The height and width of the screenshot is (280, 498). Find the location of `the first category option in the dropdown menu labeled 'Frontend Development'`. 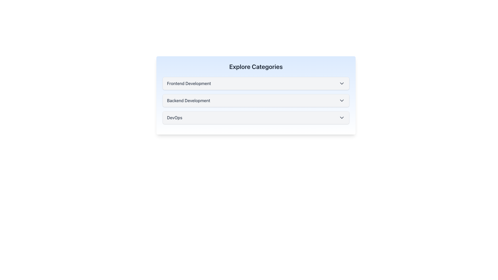

the first category option in the dropdown menu labeled 'Frontend Development' is located at coordinates (256, 83).